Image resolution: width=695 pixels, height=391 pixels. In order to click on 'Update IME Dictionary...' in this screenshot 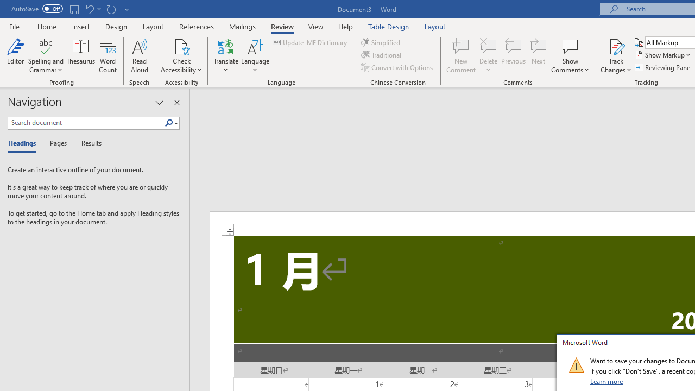, I will do `click(310, 42)`.